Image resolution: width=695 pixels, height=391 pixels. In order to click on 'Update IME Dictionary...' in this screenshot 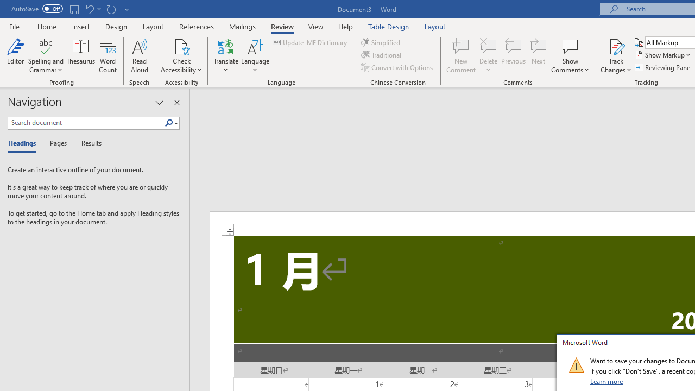, I will do `click(310, 42)`.